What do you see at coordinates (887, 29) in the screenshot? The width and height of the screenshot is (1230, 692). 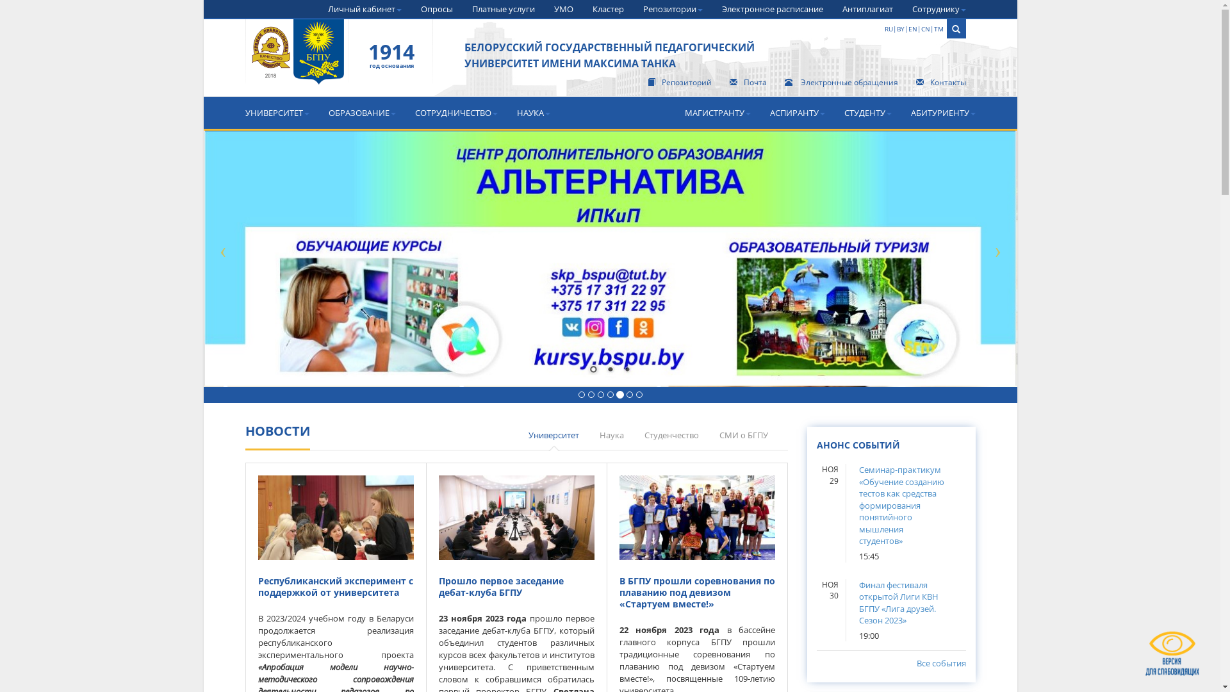 I see `'RU'` at bounding box center [887, 29].